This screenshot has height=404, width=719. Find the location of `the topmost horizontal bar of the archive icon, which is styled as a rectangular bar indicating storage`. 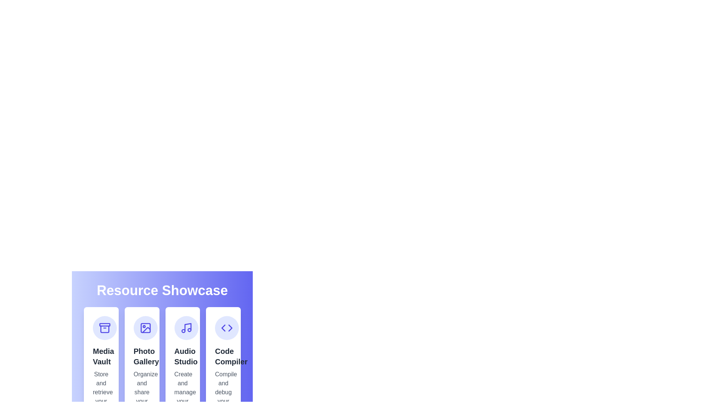

the topmost horizontal bar of the archive icon, which is styled as a rectangular bar indicating storage is located at coordinates (104, 324).